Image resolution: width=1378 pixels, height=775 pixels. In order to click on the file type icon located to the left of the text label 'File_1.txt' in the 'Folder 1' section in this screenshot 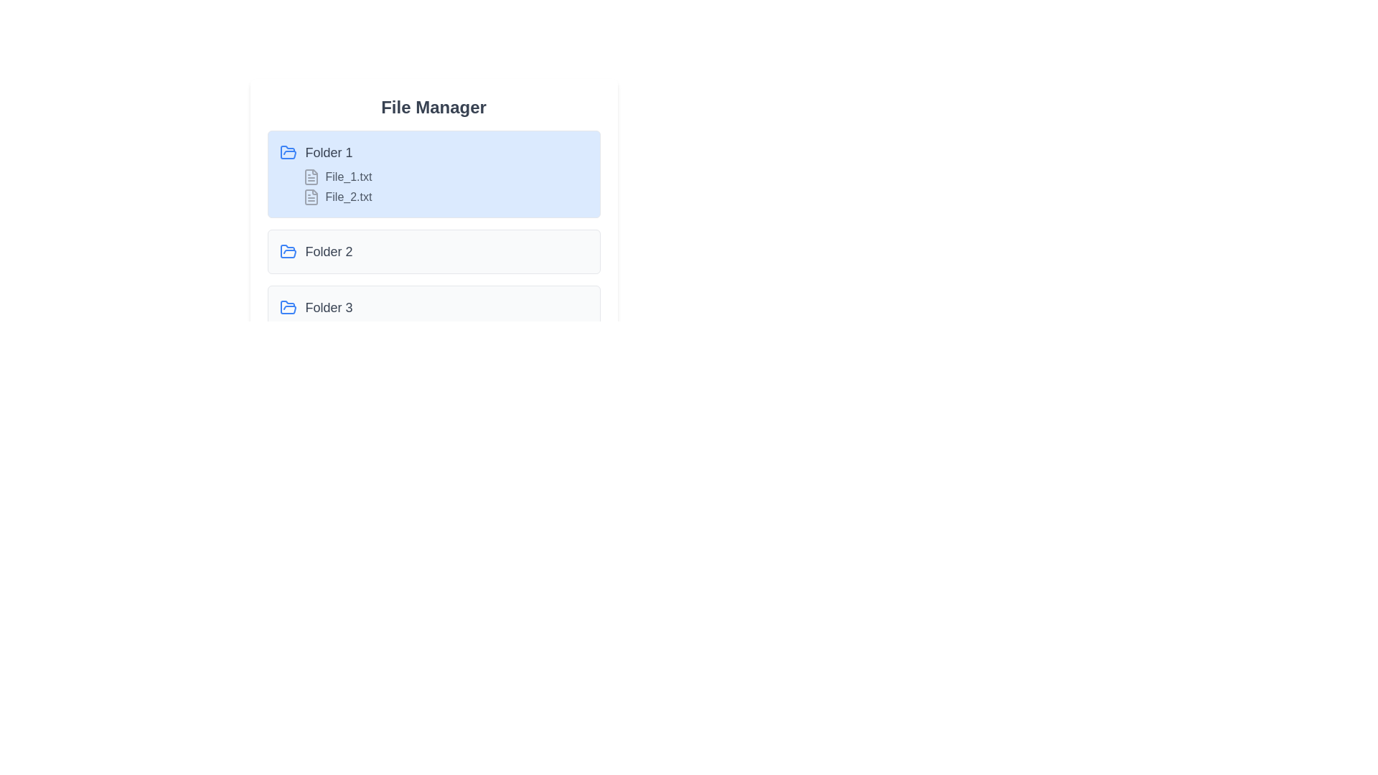, I will do `click(310, 176)`.